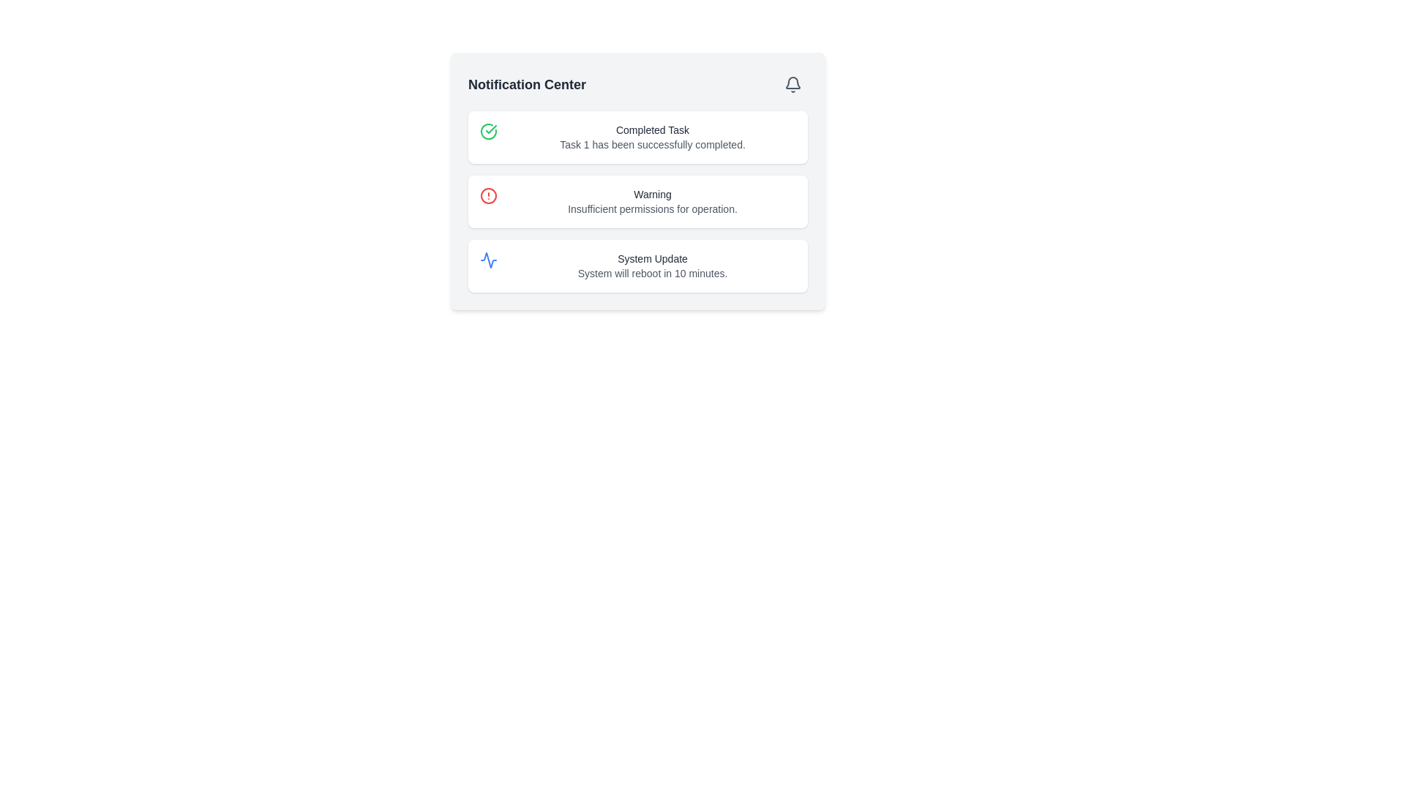  I want to click on the dynamic waveform icon styled in blue, located in the third notification card titled 'System Update' within the notification center, positioned to the left of the title and description text, so click(488, 259).